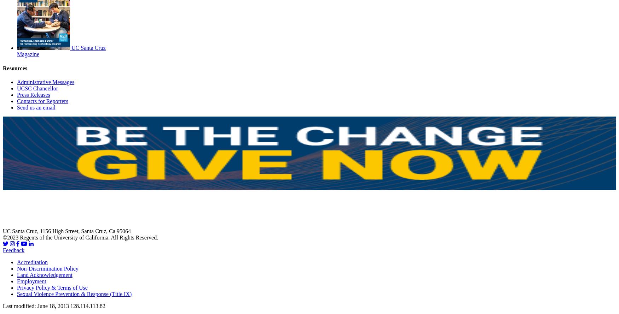  I want to click on 'UC Santa Cruz, 1156 High Street, Santa Cruz, Ca 95064', so click(67, 231).